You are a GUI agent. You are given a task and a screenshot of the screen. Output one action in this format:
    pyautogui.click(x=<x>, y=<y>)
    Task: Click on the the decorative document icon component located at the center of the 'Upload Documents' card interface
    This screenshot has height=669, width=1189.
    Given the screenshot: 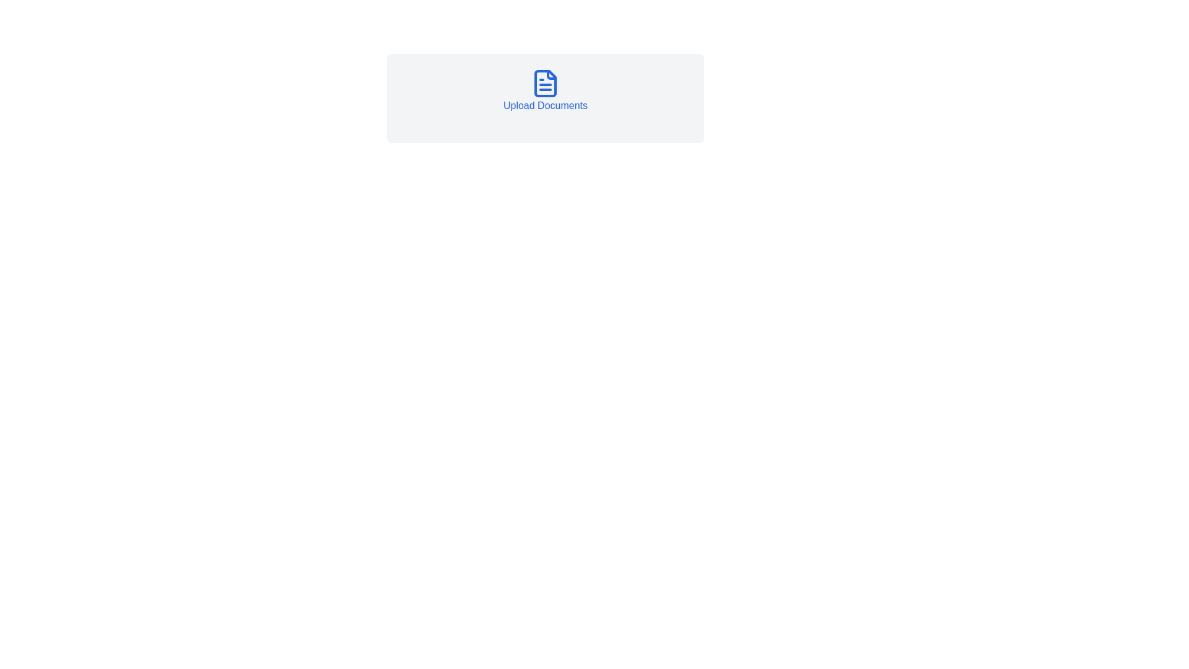 What is the action you would take?
    pyautogui.click(x=545, y=84)
    